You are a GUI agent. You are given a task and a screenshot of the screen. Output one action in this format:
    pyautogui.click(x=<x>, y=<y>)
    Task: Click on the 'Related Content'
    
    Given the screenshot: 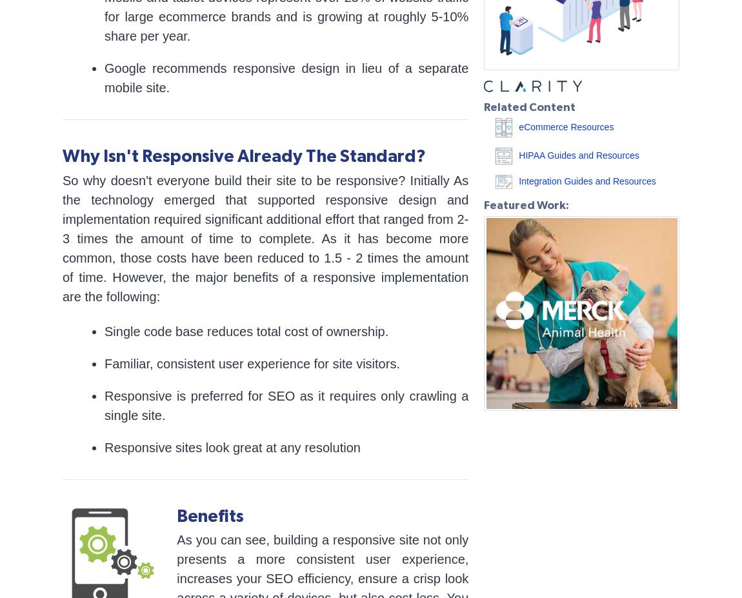 What is the action you would take?
    pyautogui.click(x=528, y=107)
    